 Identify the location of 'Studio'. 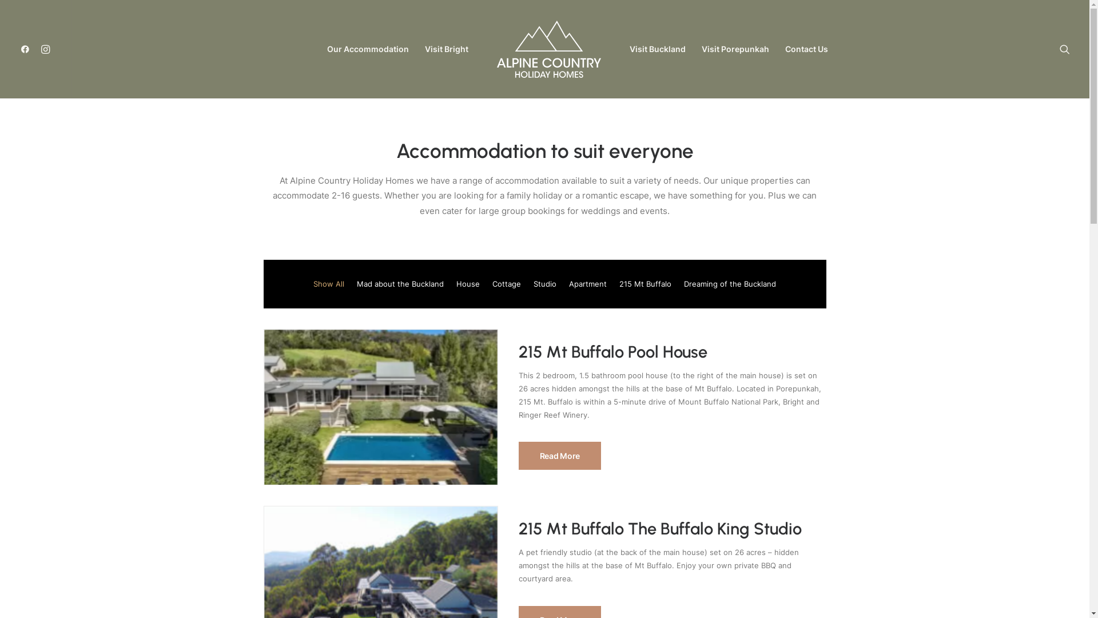
(544, 283).